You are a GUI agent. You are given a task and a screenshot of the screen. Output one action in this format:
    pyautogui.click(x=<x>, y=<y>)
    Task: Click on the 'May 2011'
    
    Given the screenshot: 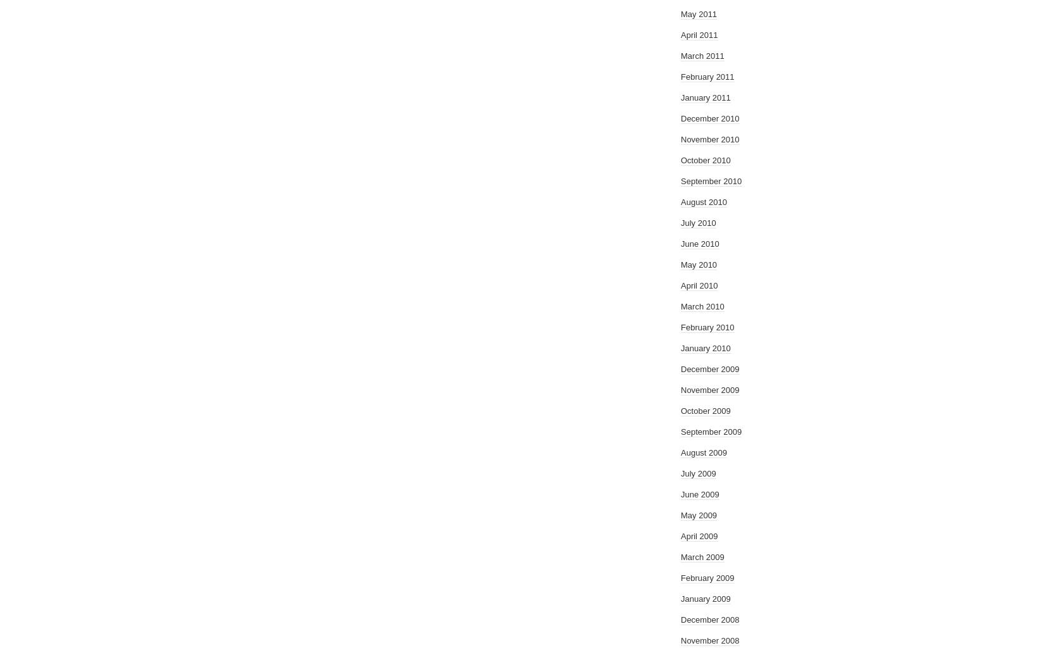 What is the action you would take?
    pyautogui.click(x=699, y=14)
    